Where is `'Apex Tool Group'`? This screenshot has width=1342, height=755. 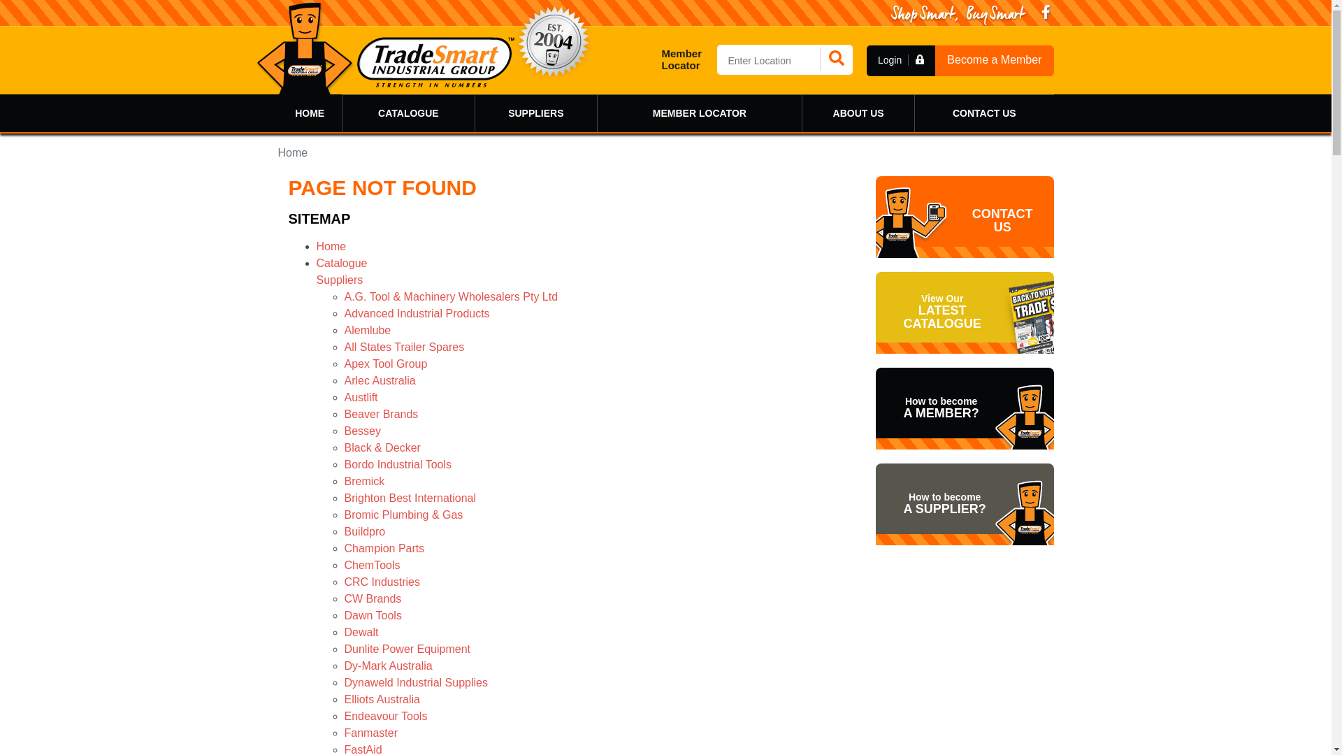 'Apex Tool Group' is located at coordinates (385, 363).